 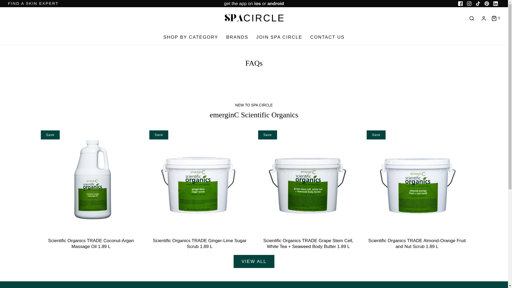 I want to click on 'CONTACT US', so click(x=327, y=37).